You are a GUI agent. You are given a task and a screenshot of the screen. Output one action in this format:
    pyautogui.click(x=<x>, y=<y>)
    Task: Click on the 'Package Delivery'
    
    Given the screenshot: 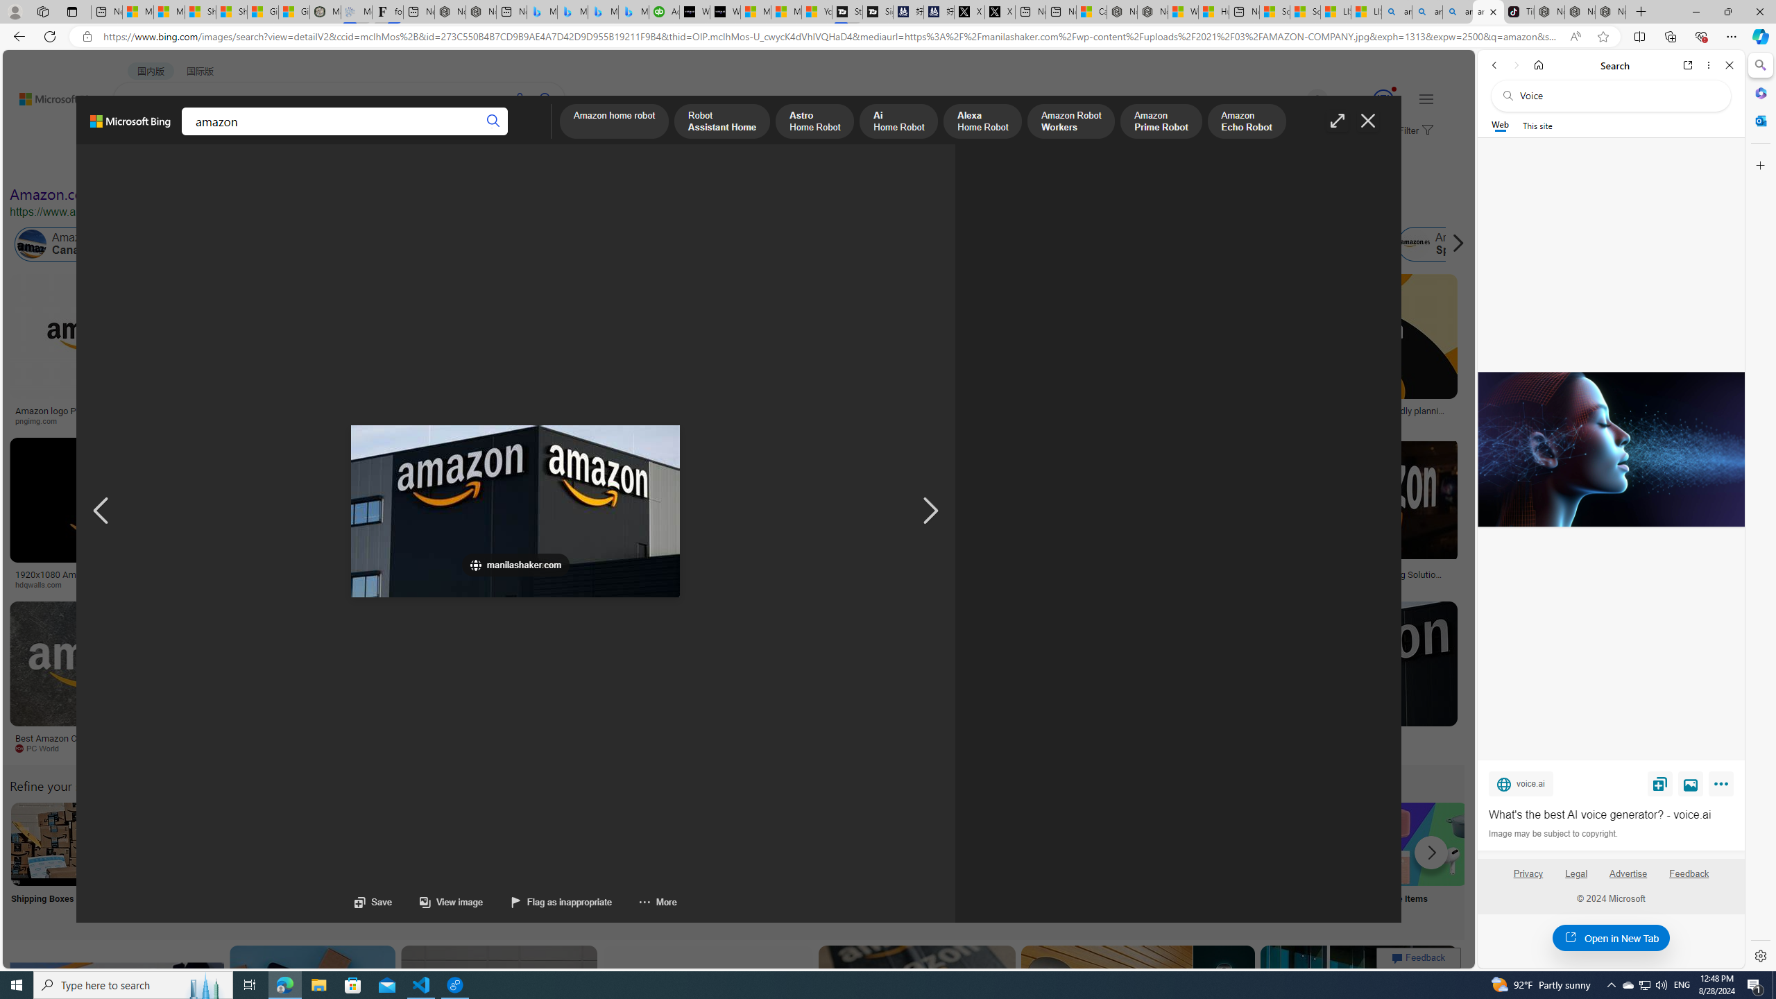 What is the action you would take?
    pyautogui.click(x=510, y=861)
    